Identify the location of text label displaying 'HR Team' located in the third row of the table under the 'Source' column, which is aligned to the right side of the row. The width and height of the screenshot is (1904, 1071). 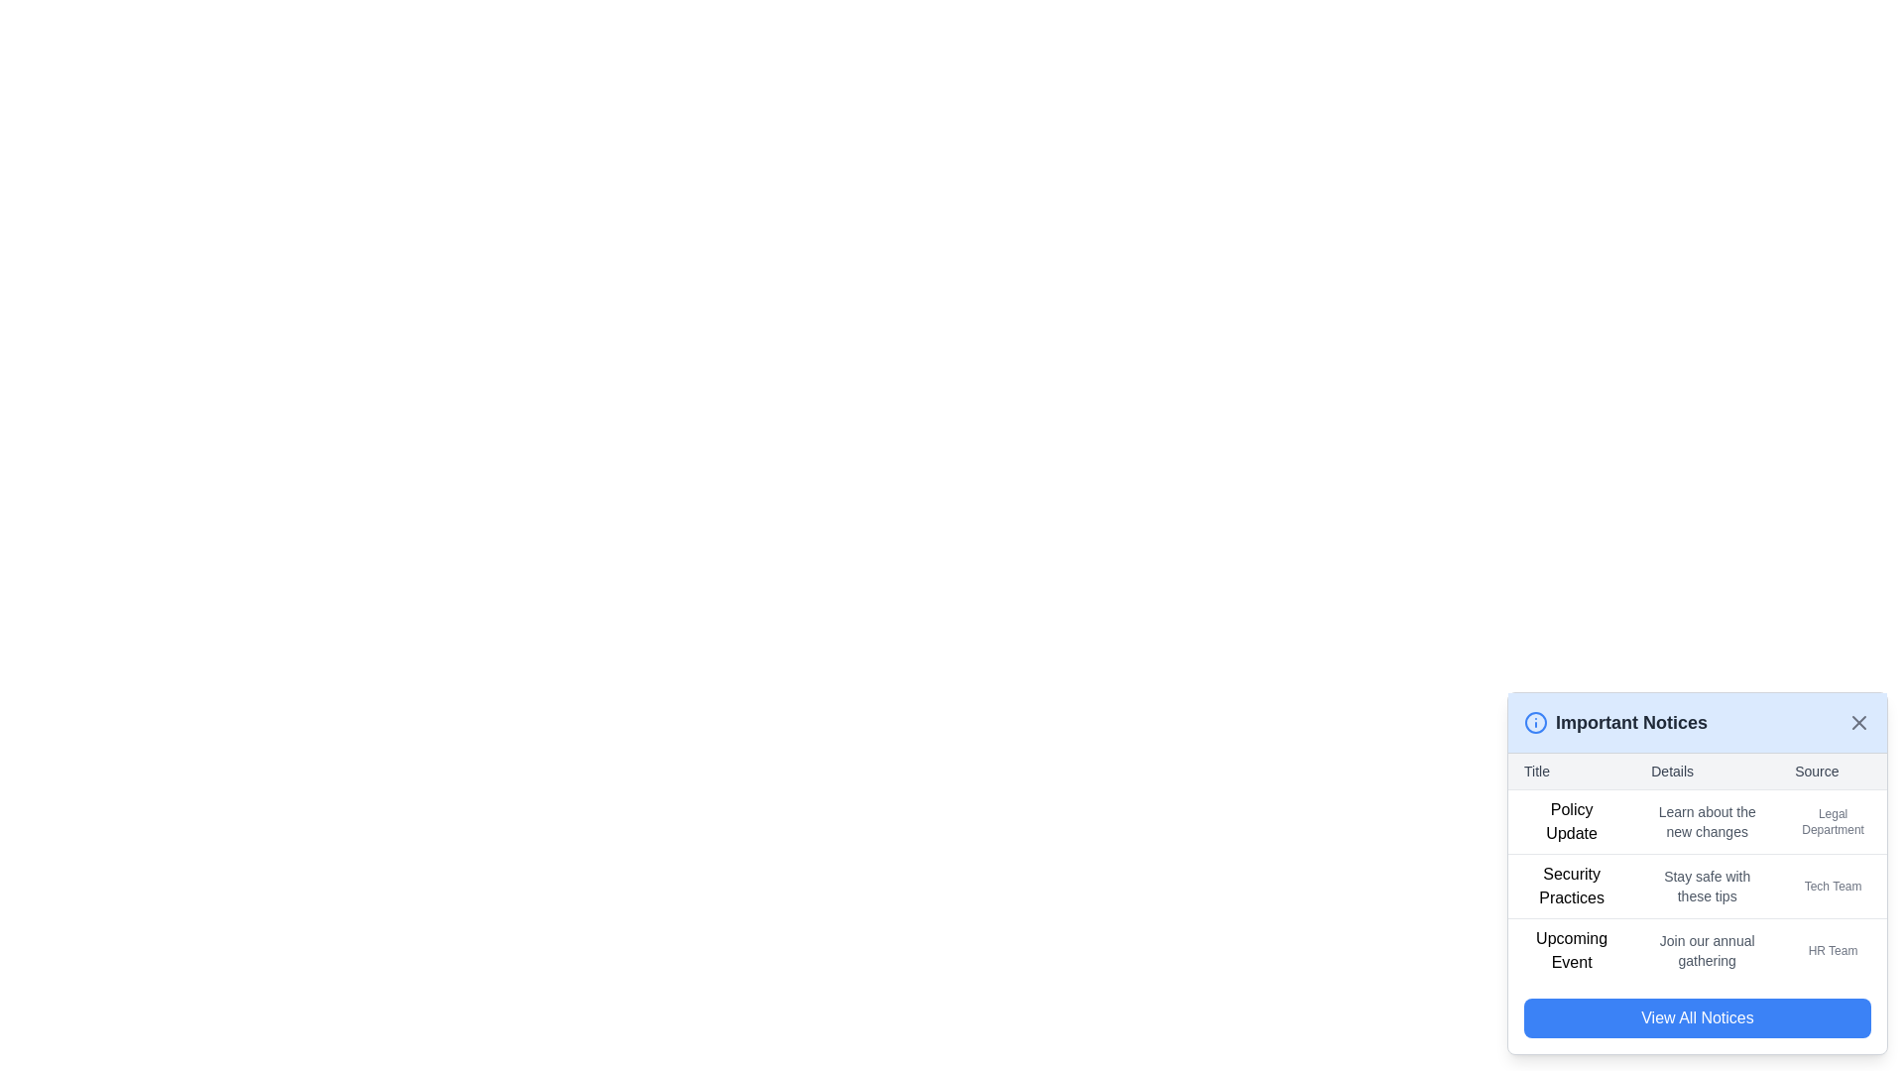
(1832, 949).